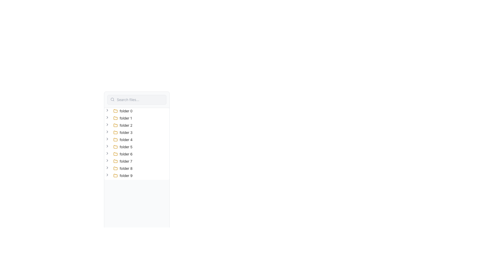 The height and width of the screenshot is (277, 493). Describe the element at coordinates (119, 132) in the screenshot. I see `the expandable arrow icon of the 'folder 3' item in the vertical file tree structure` at that location.